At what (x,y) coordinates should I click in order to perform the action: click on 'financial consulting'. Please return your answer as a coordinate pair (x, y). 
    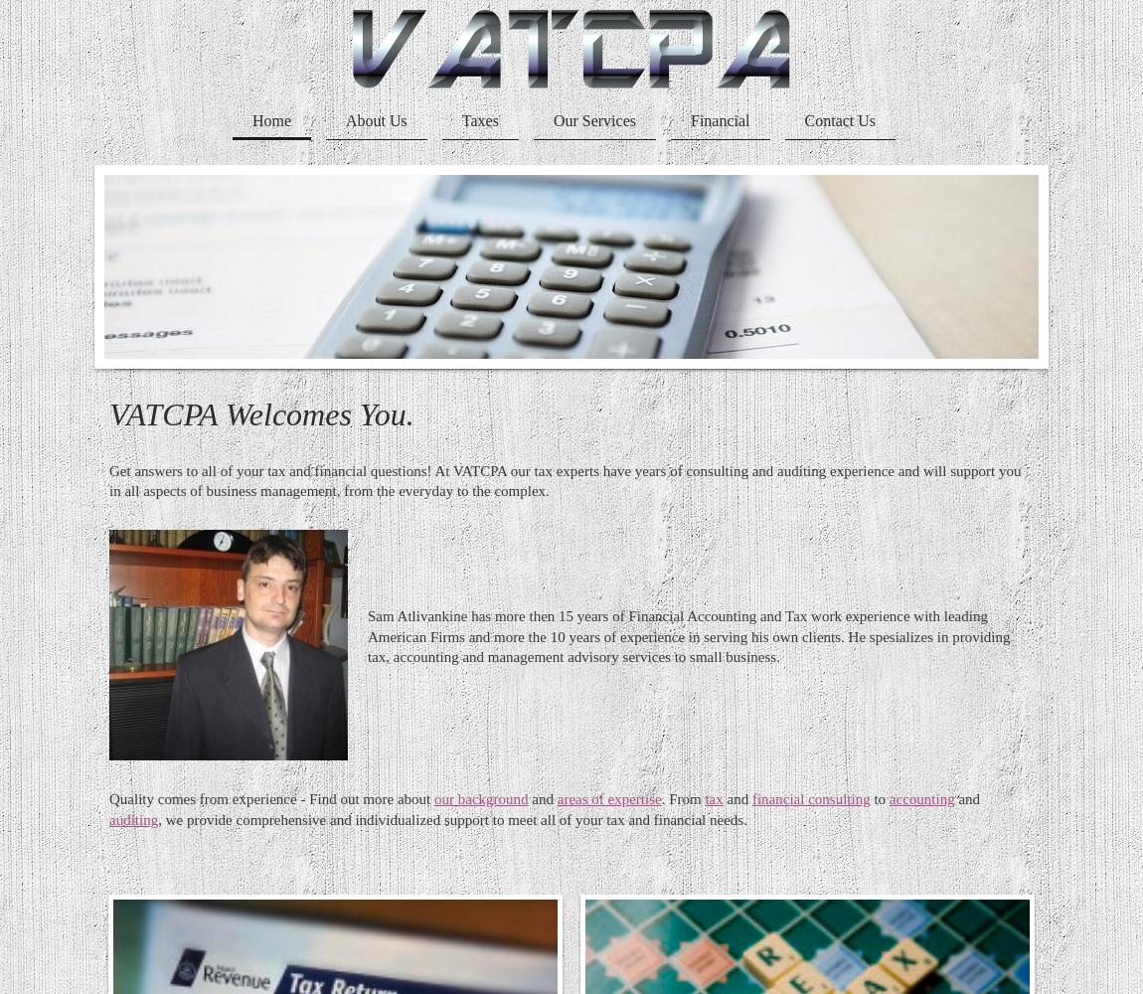
    Looking at the image, I should click on (809, 799).